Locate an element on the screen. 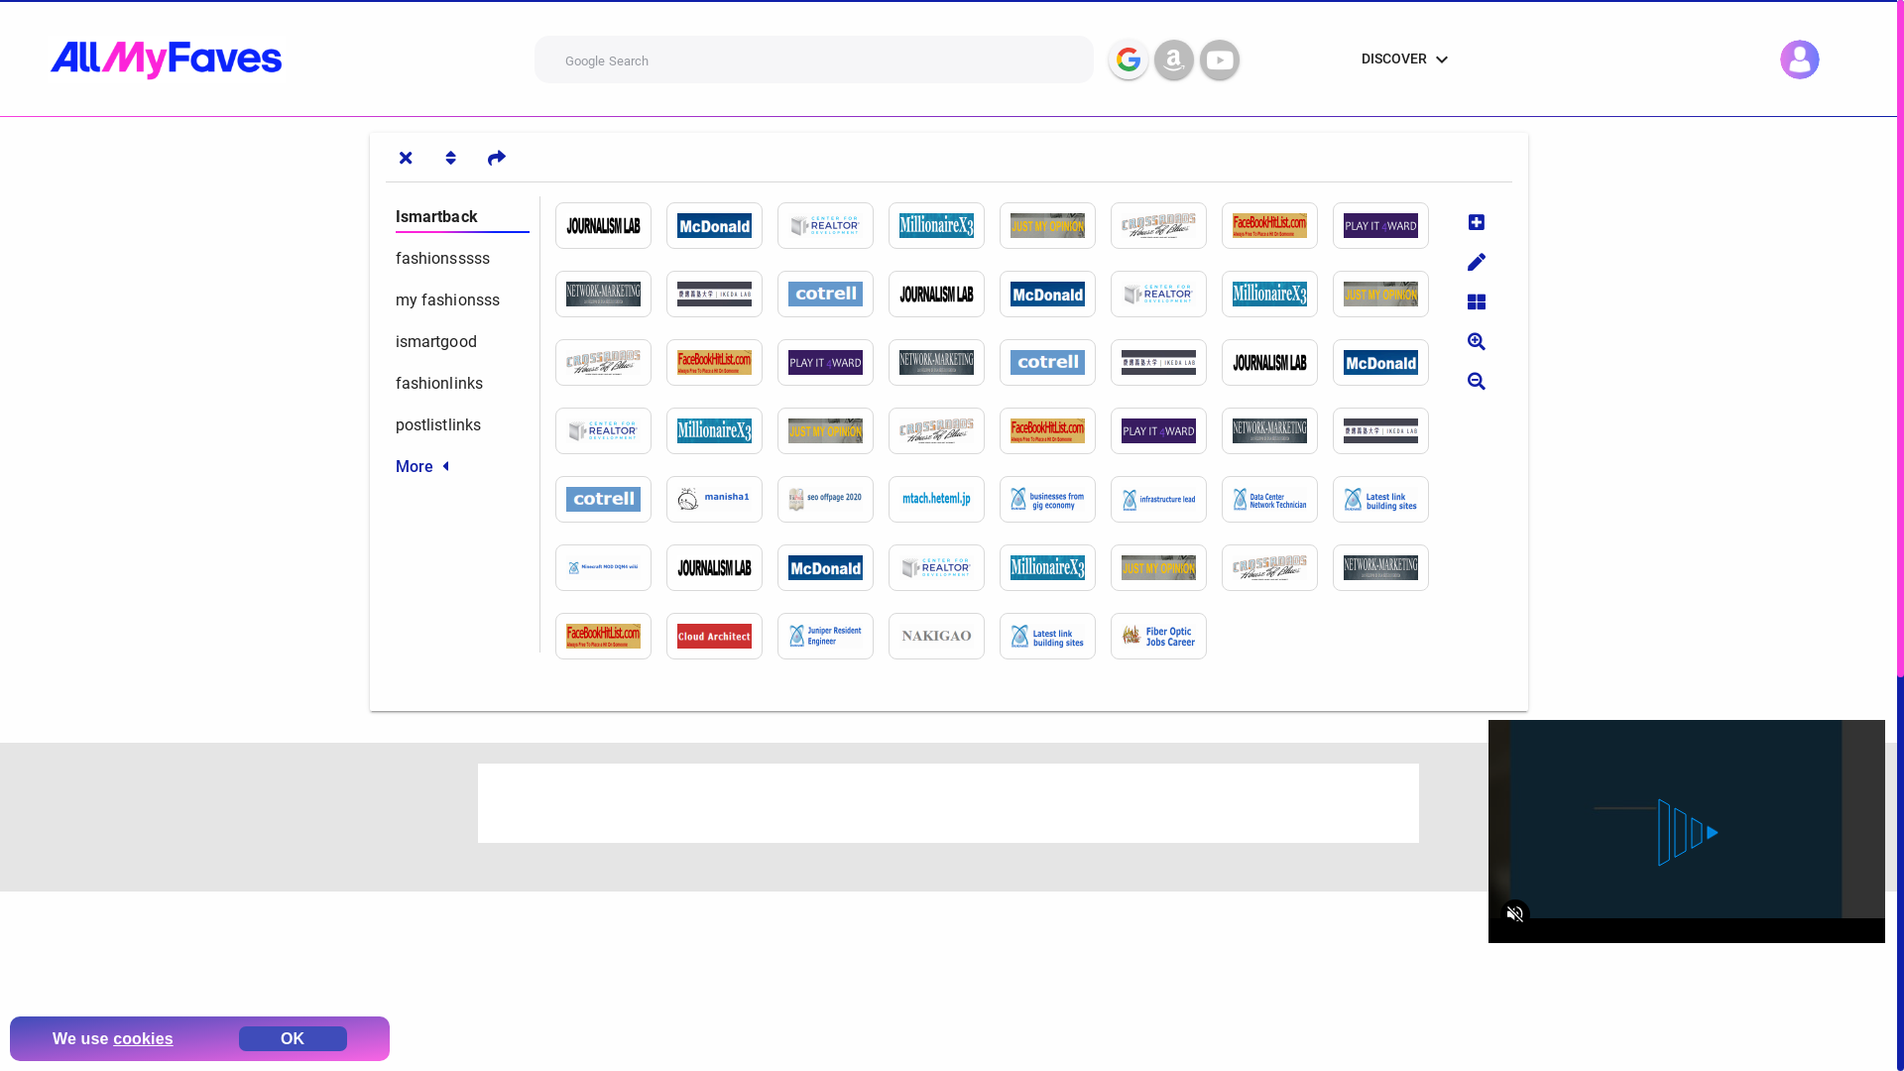 The image size is (1904, 1071). 'Sort tabs' is located at coordinates (449, 156).